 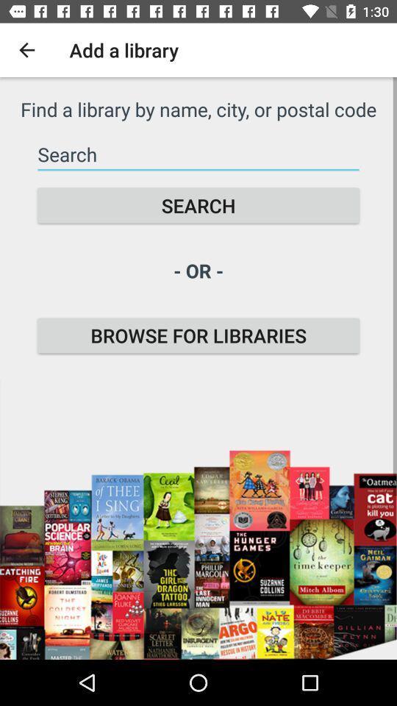 What do you see at coordinates (26, 50) in the screenshot?
I see `the icon to the left of add a library icon` at bounding box center [26, 50].